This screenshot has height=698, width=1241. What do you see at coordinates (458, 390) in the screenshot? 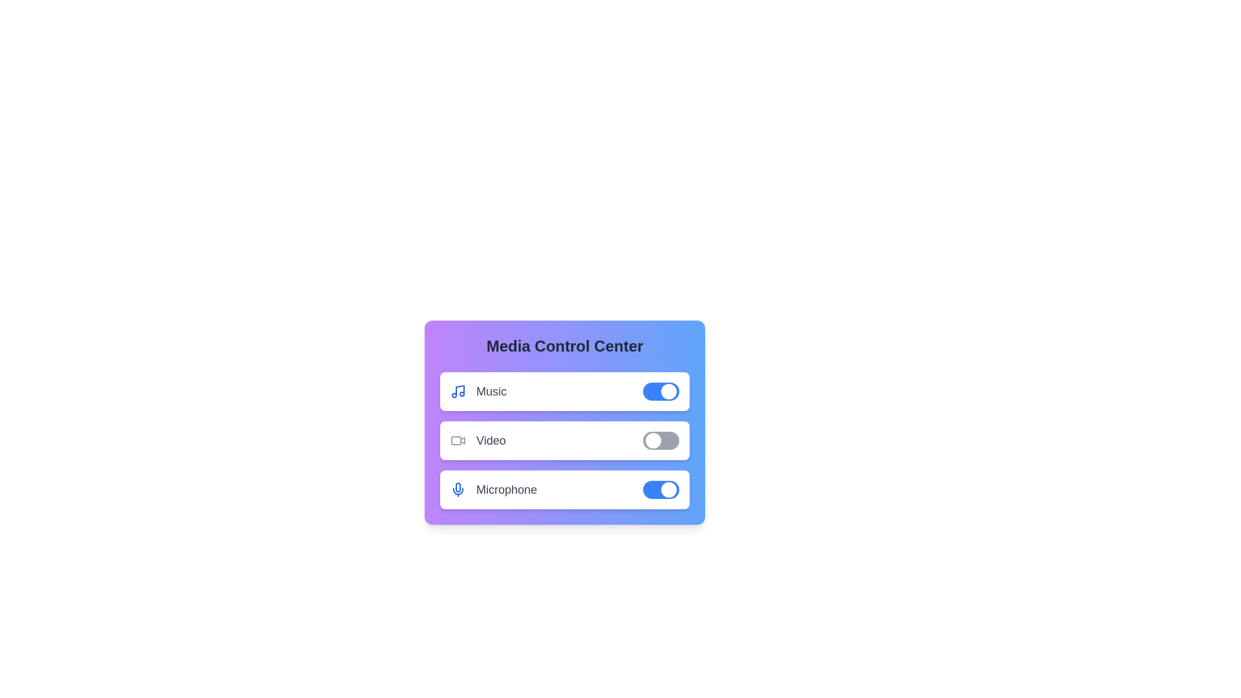
I see `the icon representing the Music control` at bounding box center [458, 390].